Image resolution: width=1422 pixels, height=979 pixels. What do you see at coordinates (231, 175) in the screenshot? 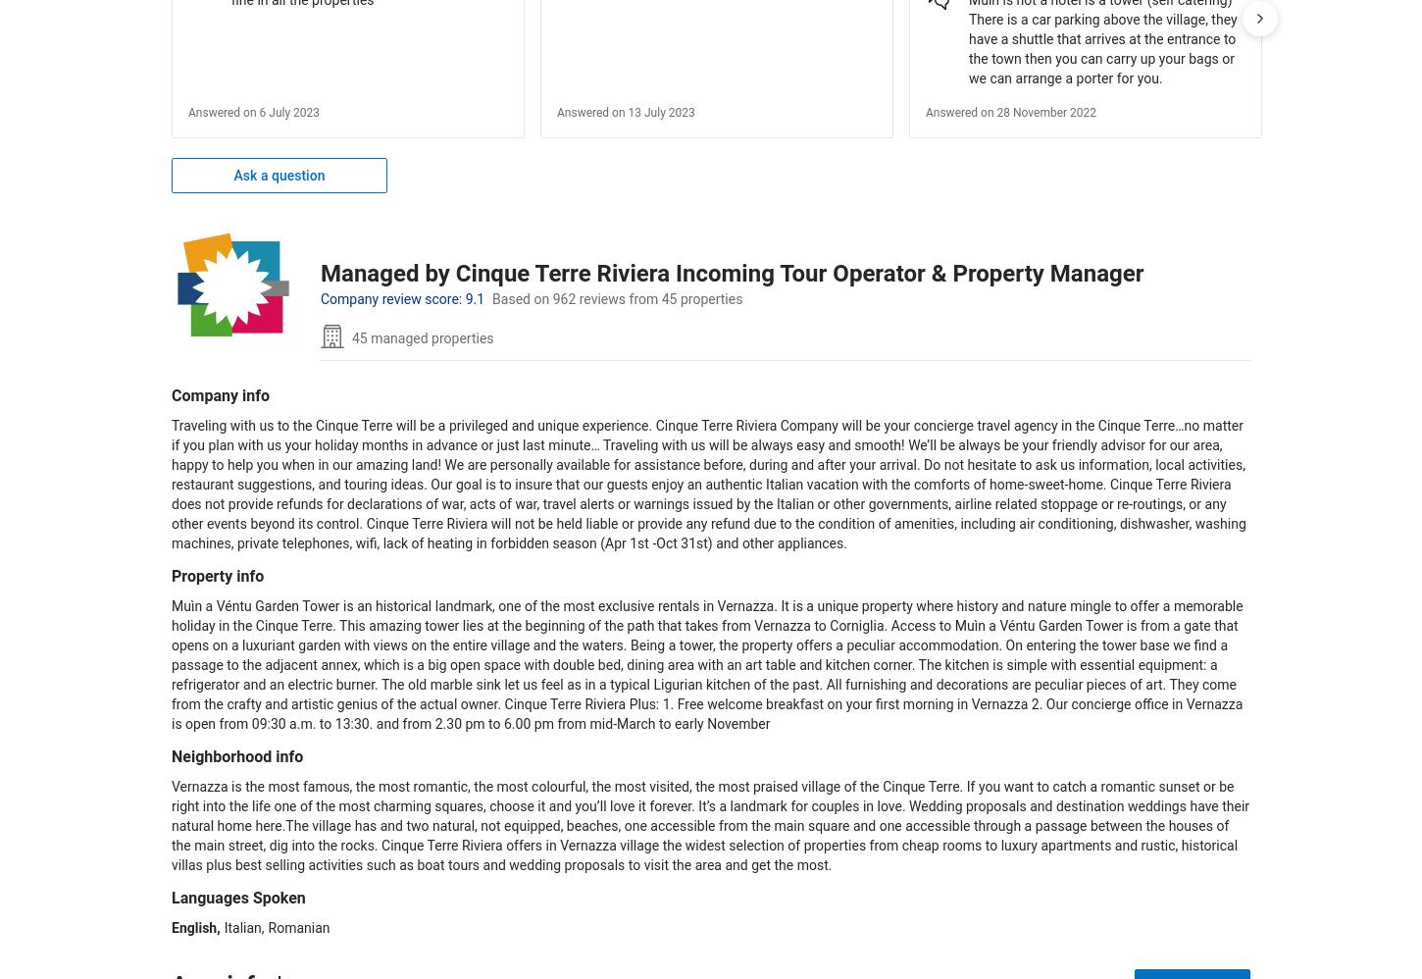
I see `'Ask a question'` at bounding box center [231, 175].